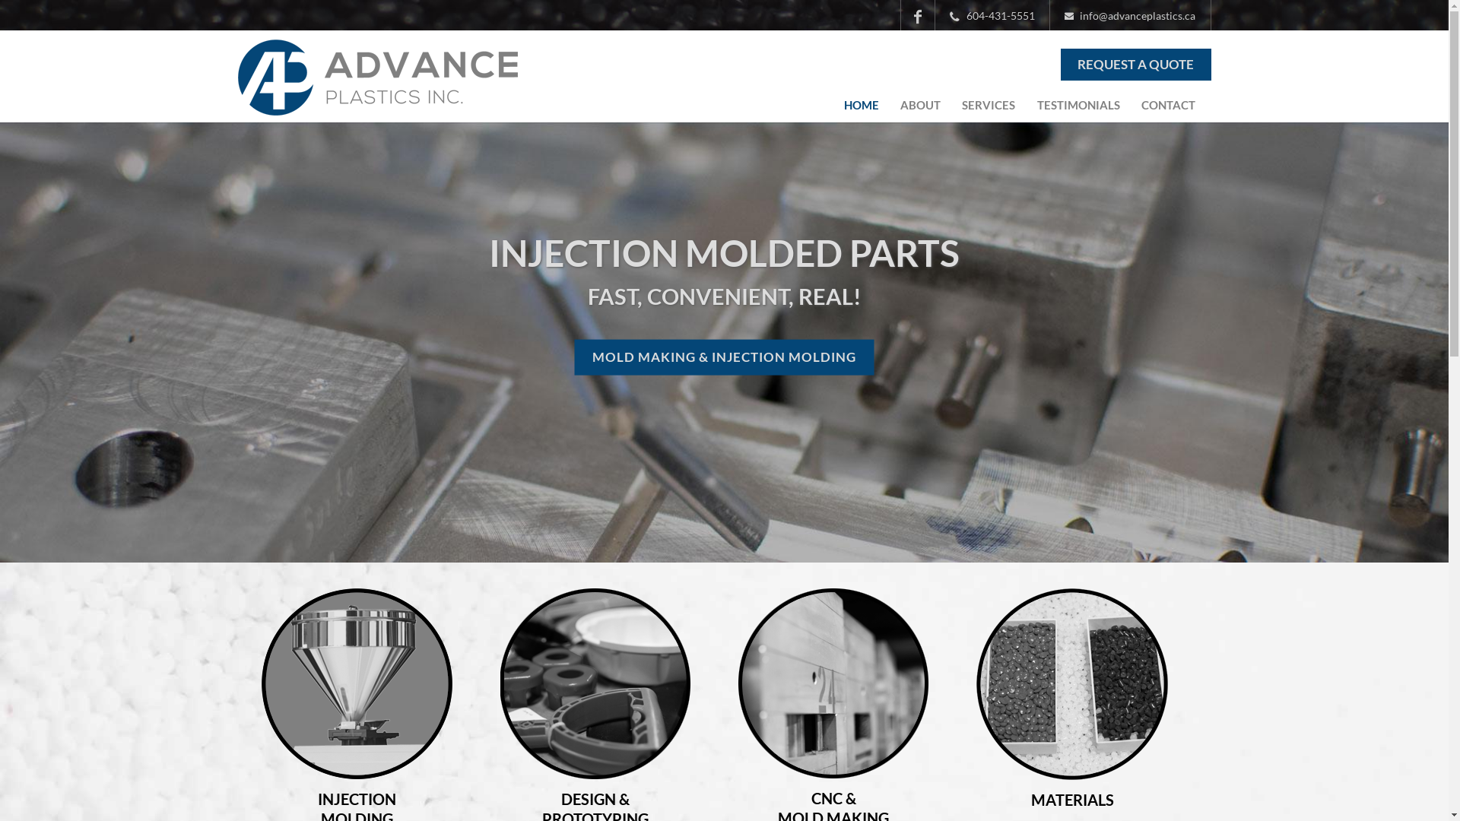 The width and height of the screenshot is (1460, 821). Describe the element at coordinates (723, 357) in the screenshot. I see `'MOLD MAKING & INJECTION MOLDING'` at that location.